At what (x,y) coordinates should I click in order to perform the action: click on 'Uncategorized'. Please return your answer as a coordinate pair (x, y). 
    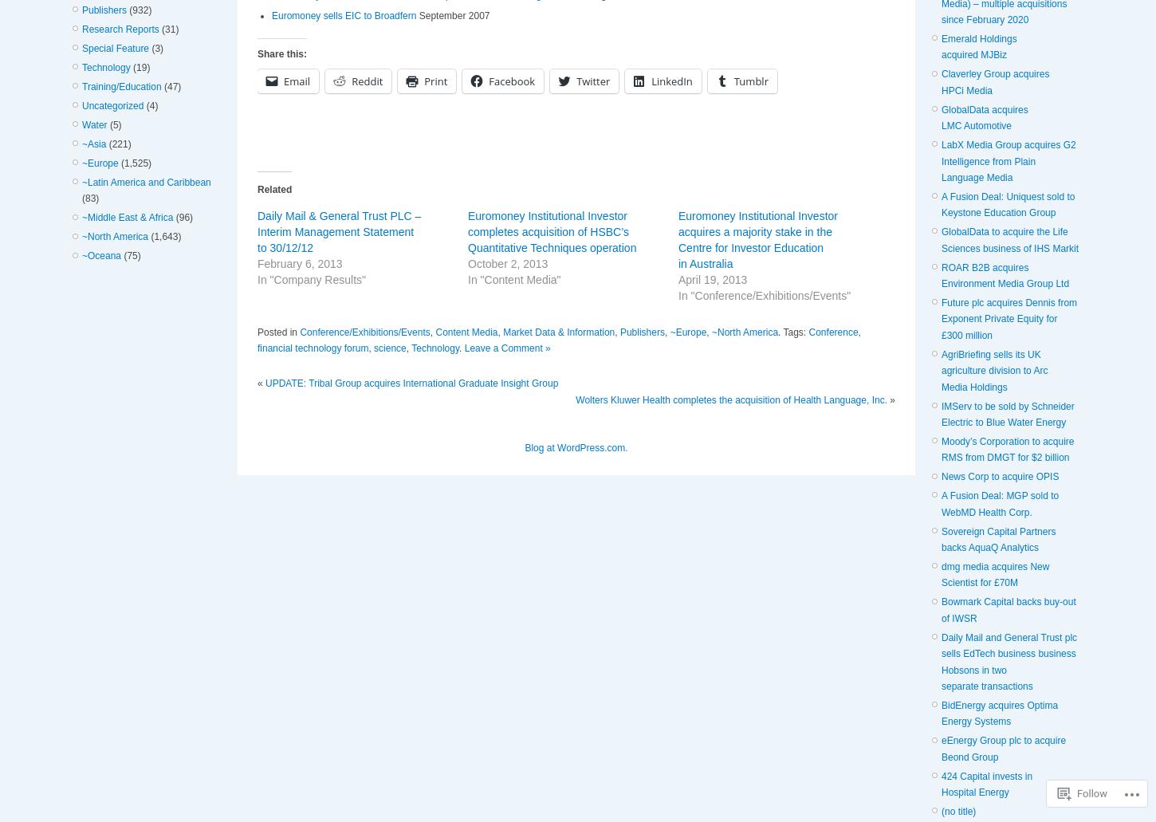
    Looking at the image, I should click on (112, 104).